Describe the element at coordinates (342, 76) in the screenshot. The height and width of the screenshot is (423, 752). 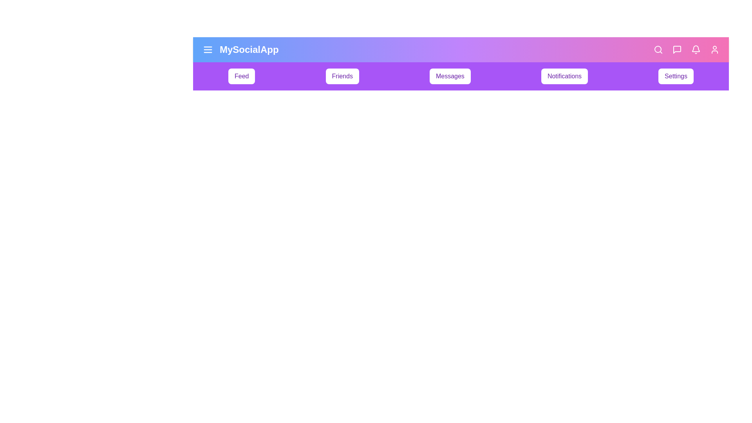
I see `the menu item Friends to observe its hover effect` at that location.